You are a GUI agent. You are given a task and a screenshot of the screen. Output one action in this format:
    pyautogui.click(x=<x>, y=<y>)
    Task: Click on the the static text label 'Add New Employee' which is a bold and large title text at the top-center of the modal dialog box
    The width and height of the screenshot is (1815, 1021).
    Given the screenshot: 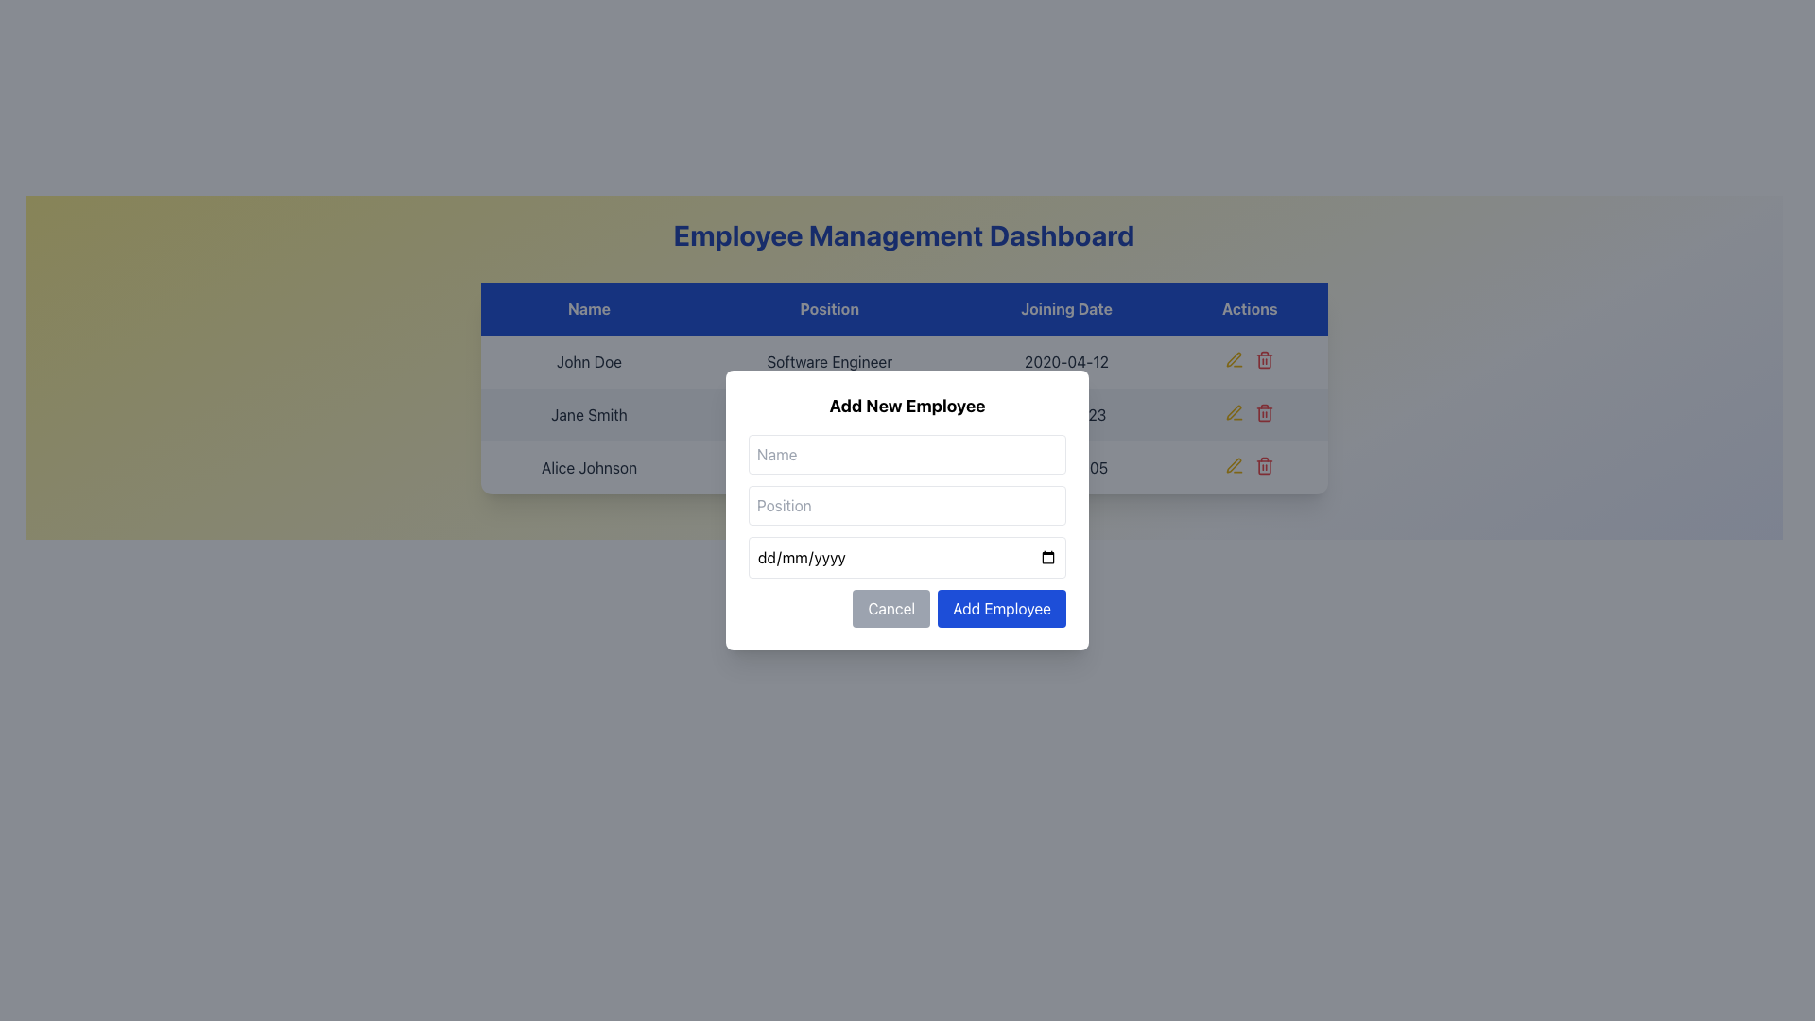 What is the action you would take?
    pyautogui.click(x=907, y=405)
    